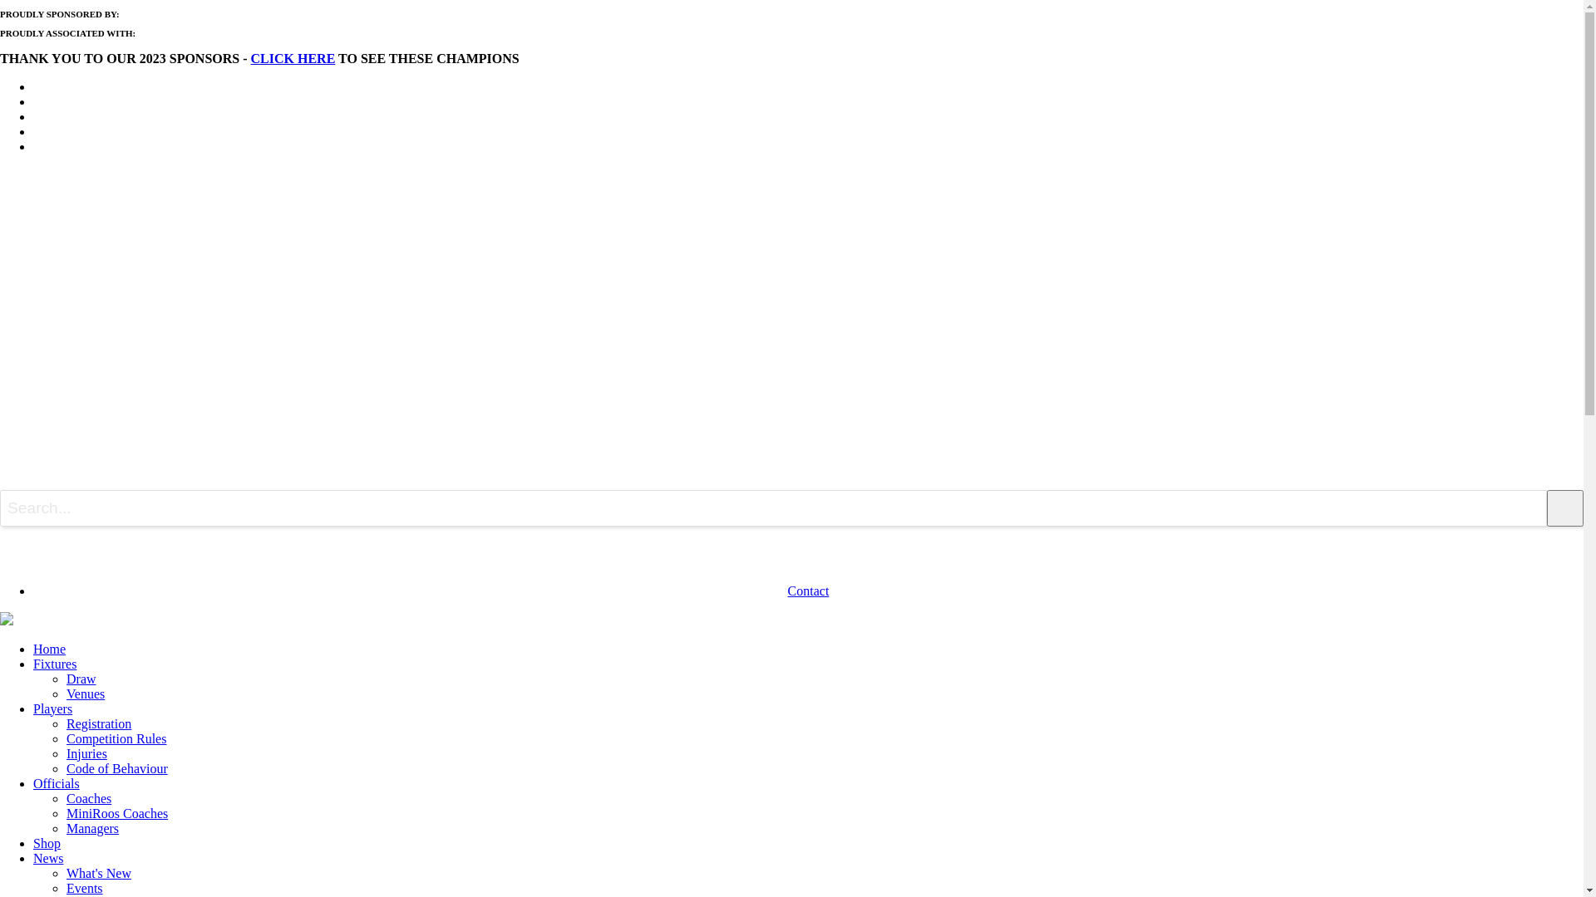  What do you see at coordinates (116, 812) in the screenshot?
I see `'MiniRoos Coaches'` at bounding box center [116, 812].